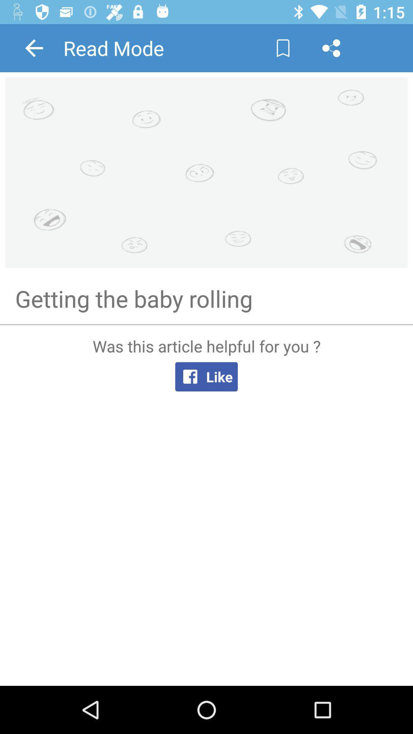 This screenshot has width=413, height=734. What do you see at coordinates (331, 47) in the screenshot?
I see `share the article` at bounding box center [331, 47].